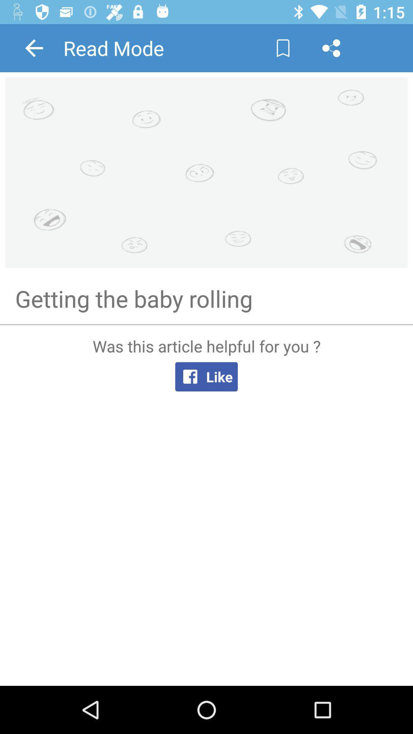 This screenshot has width=413, height=734. What do you see at coordinates (331, 47) in the screenshot?
I see `share the article` at bounding box center [331, 47].